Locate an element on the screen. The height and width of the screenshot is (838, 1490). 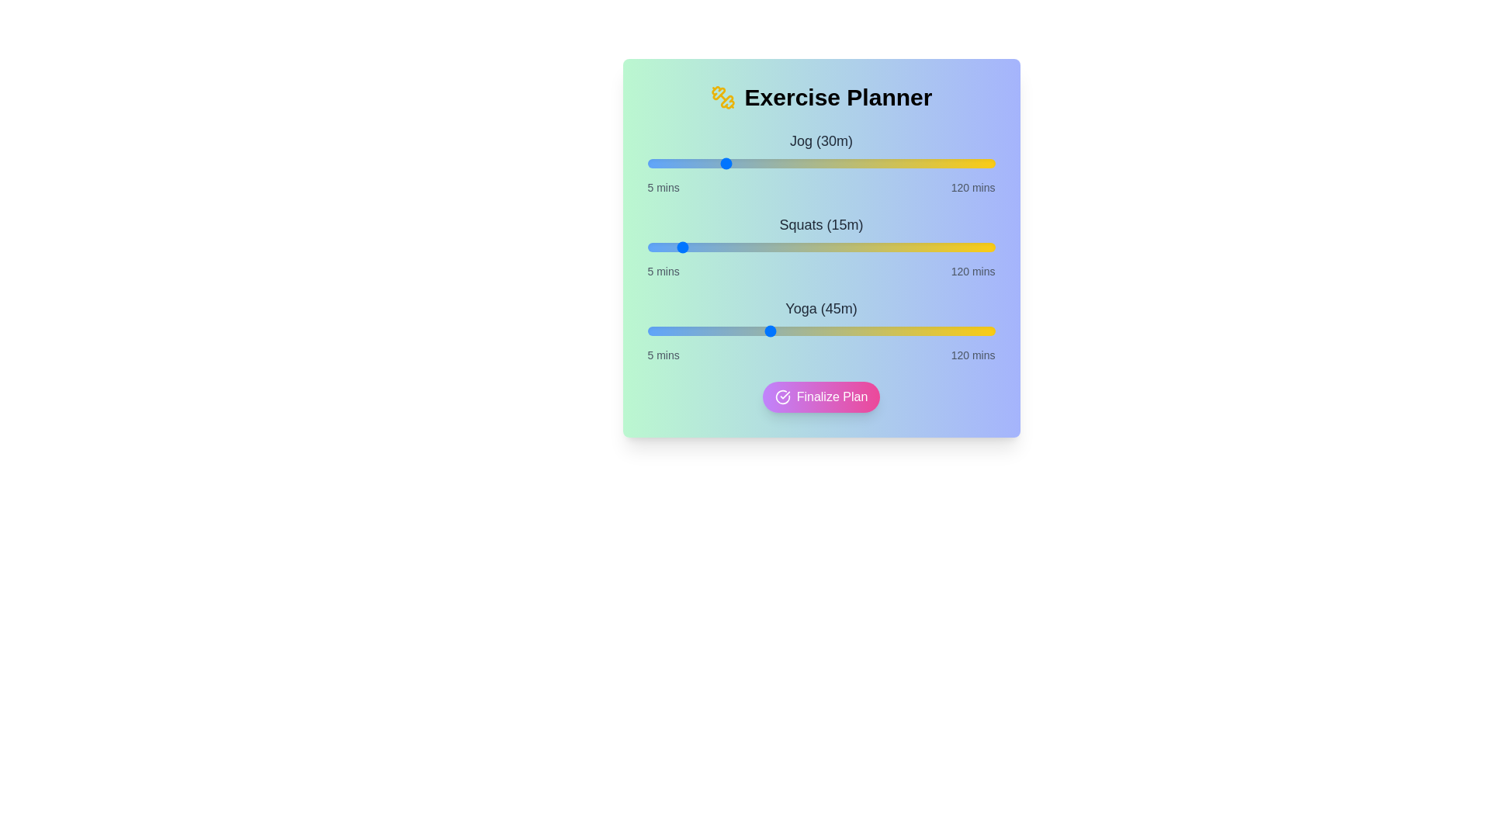
the duration of the 0 slider to 24 minutes is located at coordinates (704, 164).